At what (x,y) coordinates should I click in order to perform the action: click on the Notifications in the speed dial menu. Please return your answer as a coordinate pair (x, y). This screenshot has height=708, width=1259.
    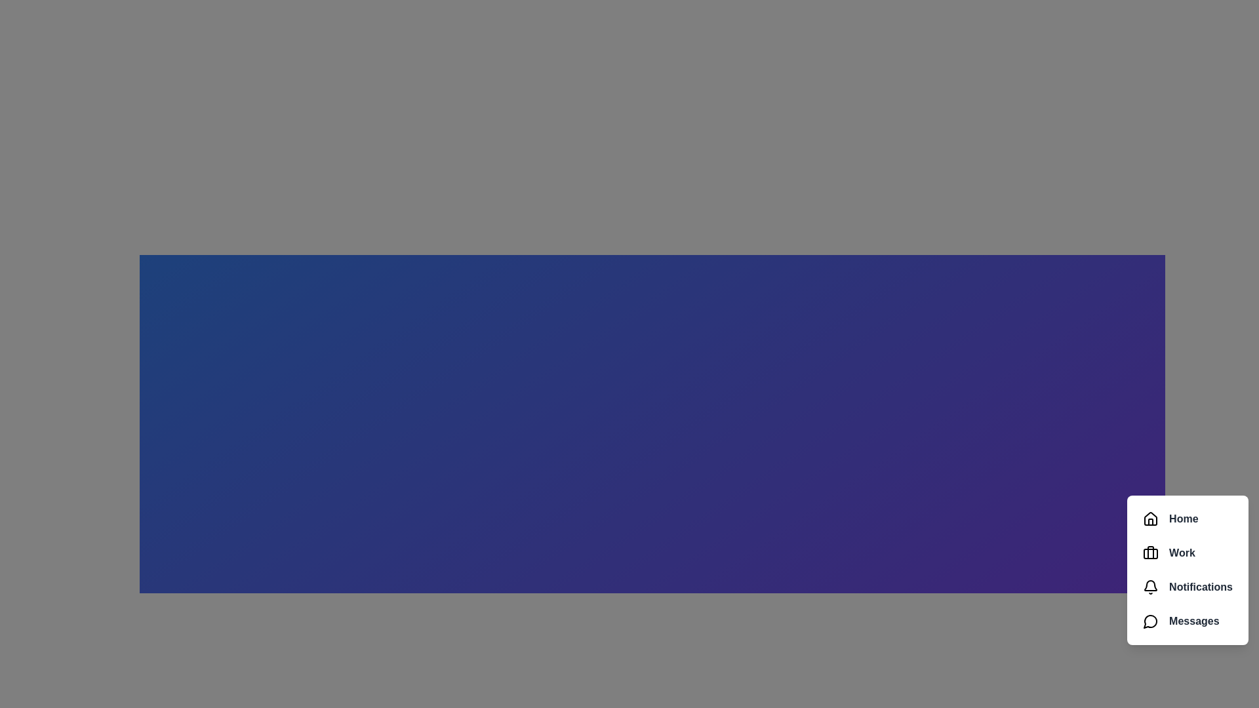
    Looking at the image, I should click on (1188, 586).